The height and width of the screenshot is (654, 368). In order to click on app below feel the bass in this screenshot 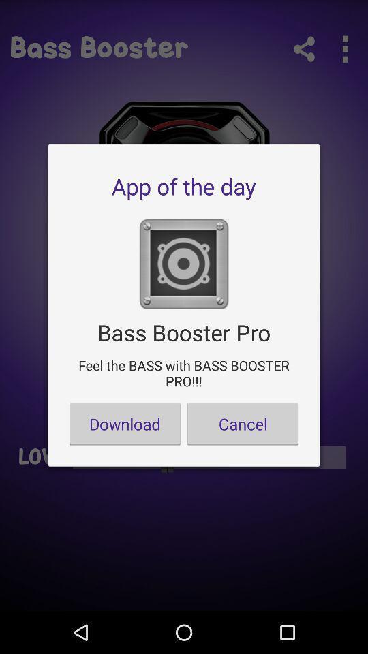, I will do `click(242, 423)`.